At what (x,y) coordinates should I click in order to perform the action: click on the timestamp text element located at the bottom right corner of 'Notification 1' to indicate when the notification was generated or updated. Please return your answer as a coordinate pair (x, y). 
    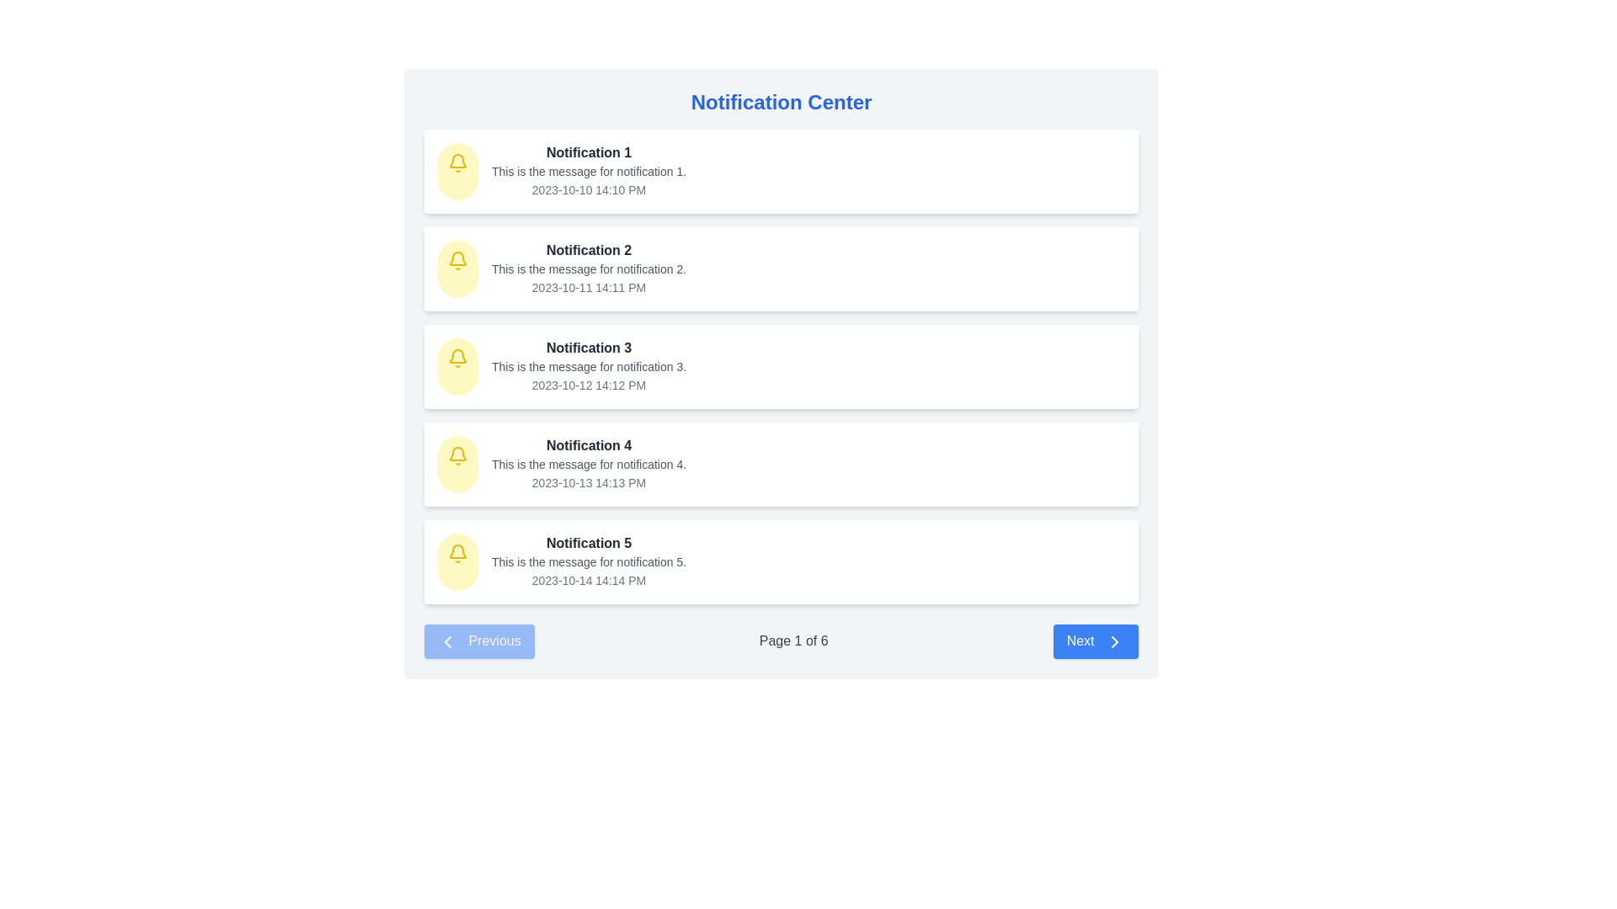
    Looking at the image, I should click on (589, 189).